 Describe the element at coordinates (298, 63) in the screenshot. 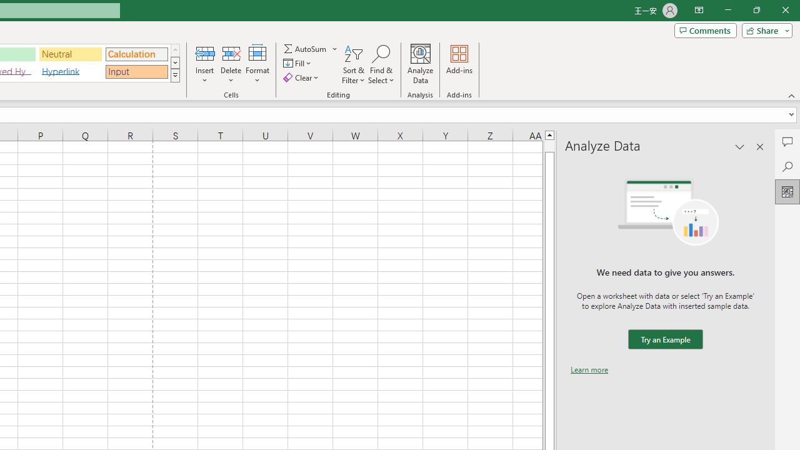

I see `'Fill'` at that location.